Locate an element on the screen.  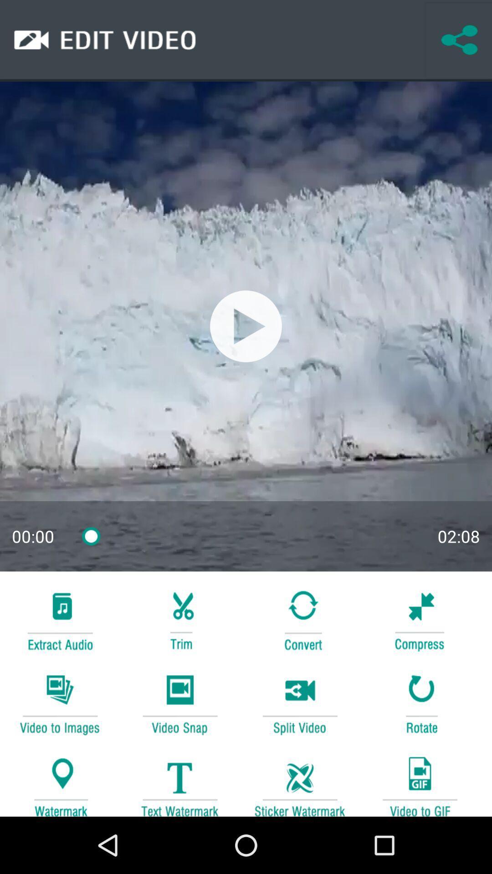
text watermark box is located at coordinates (179, 782).